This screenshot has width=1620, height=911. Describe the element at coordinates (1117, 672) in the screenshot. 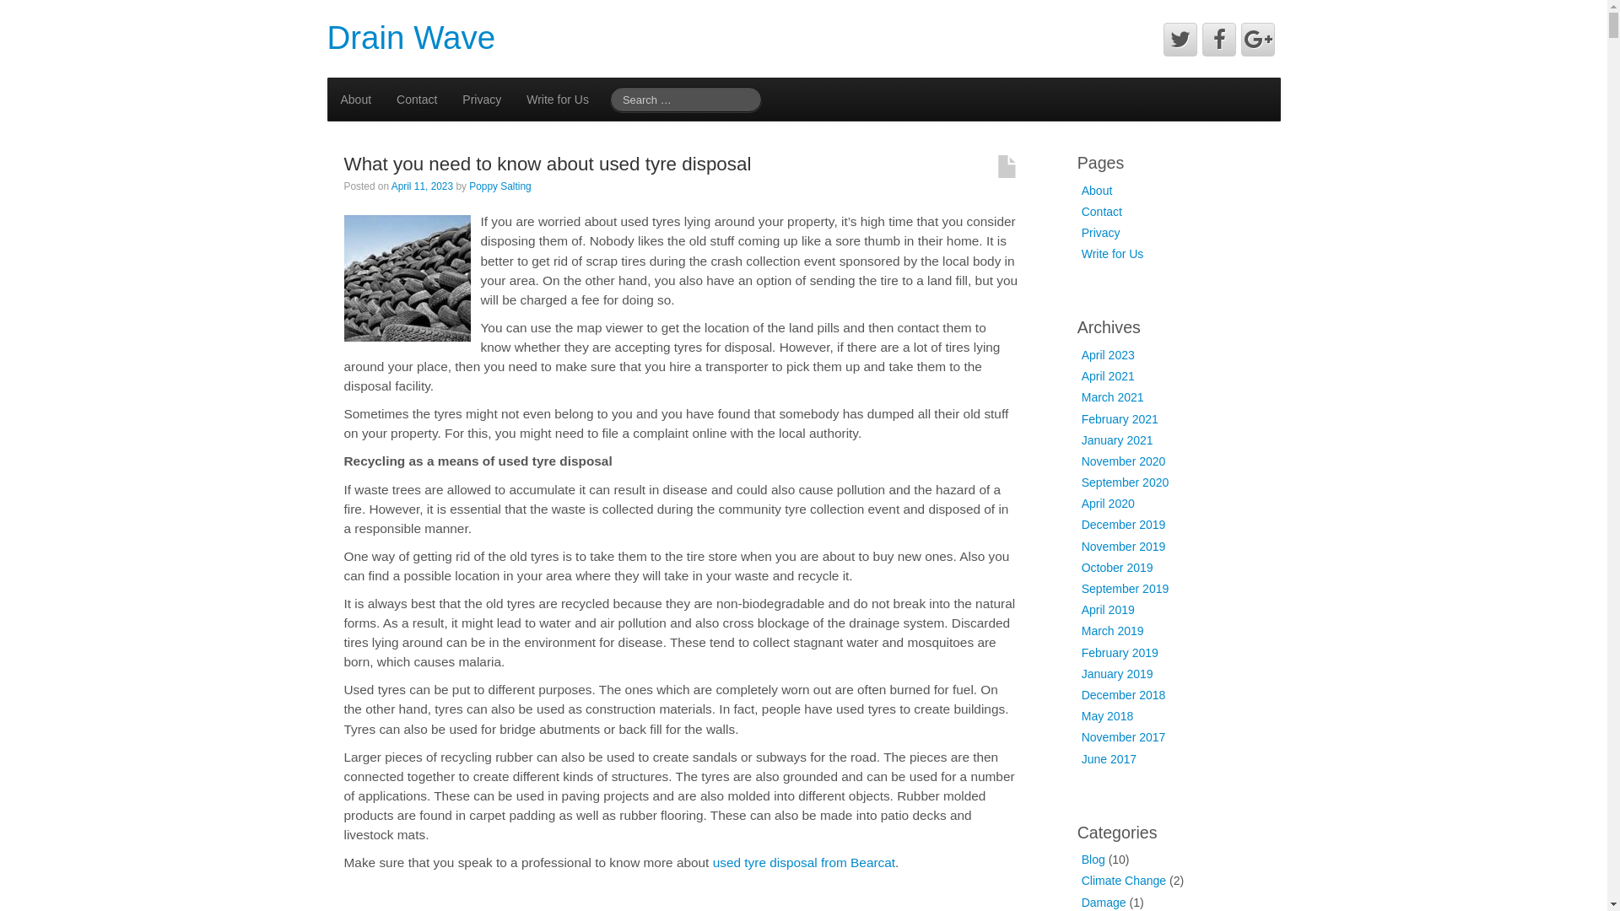

I see `'January 2019'` at that location.